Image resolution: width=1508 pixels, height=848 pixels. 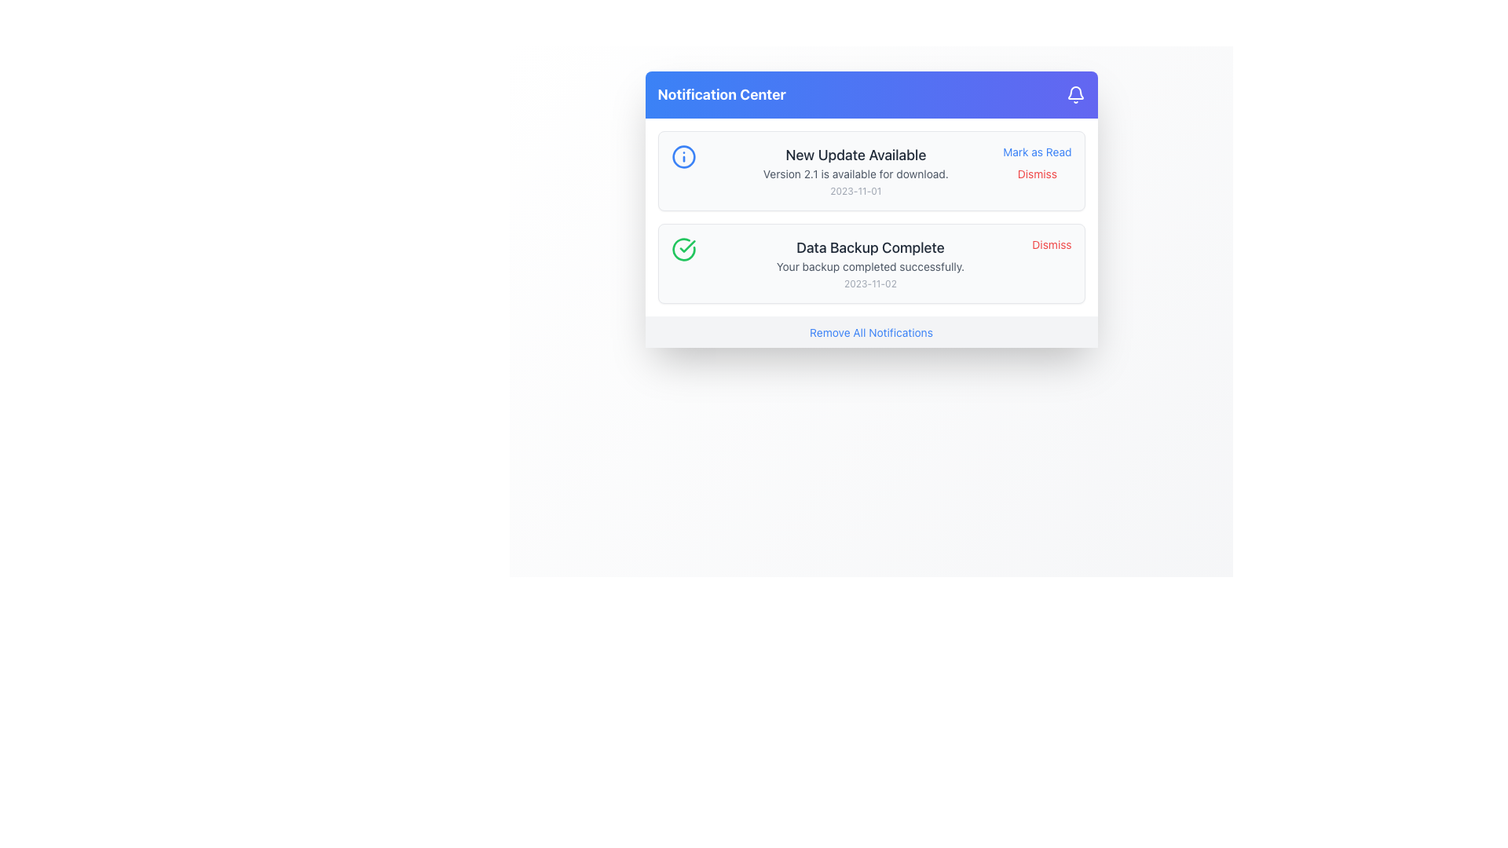 I want to click on the dismiss button located at the right end of the 'Data Backup Complete' notification block in the Notification Center, so click(x=1052, y=245).